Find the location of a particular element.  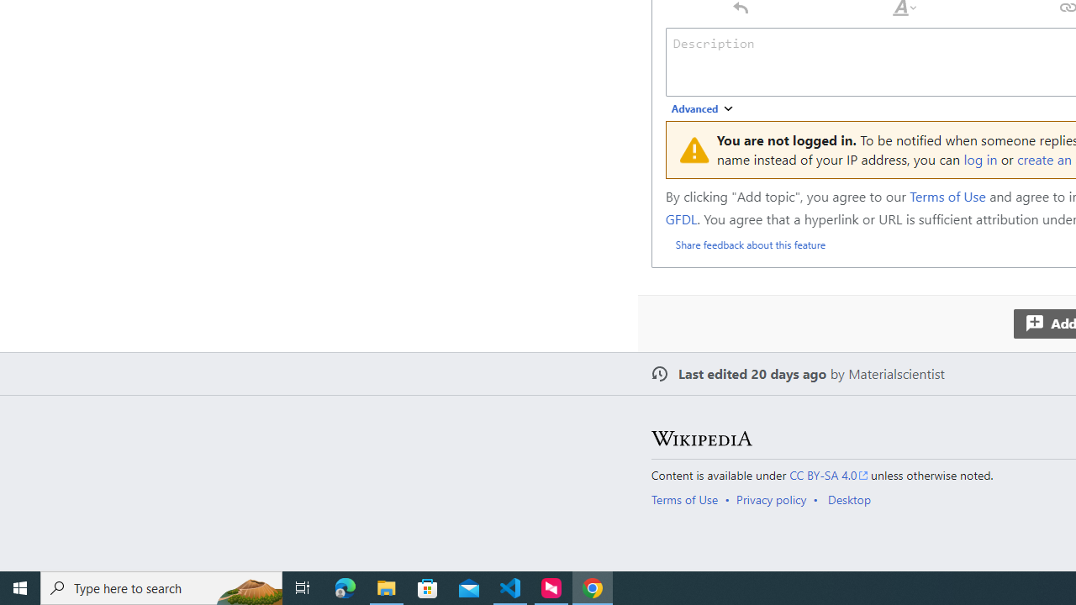

'Share feedback about this feature' is located at coordinates (749, 244).